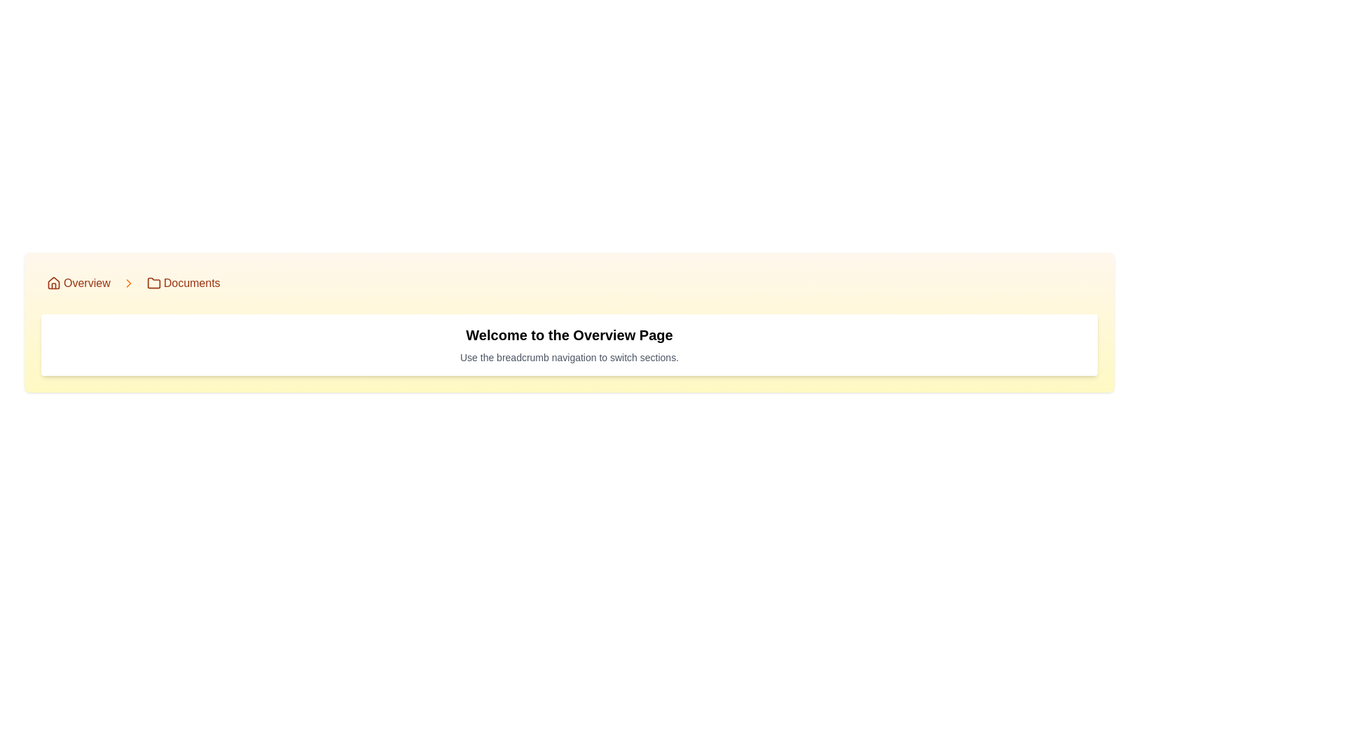 The height and width of the screenshot is (756, 1345). What do you see at coordinates (183, 283) in the screenshot?
I see `the navigation button located in the breadcrumb navigation bar, which is the second button after 'Overview'` at bounding box center [183, 283].